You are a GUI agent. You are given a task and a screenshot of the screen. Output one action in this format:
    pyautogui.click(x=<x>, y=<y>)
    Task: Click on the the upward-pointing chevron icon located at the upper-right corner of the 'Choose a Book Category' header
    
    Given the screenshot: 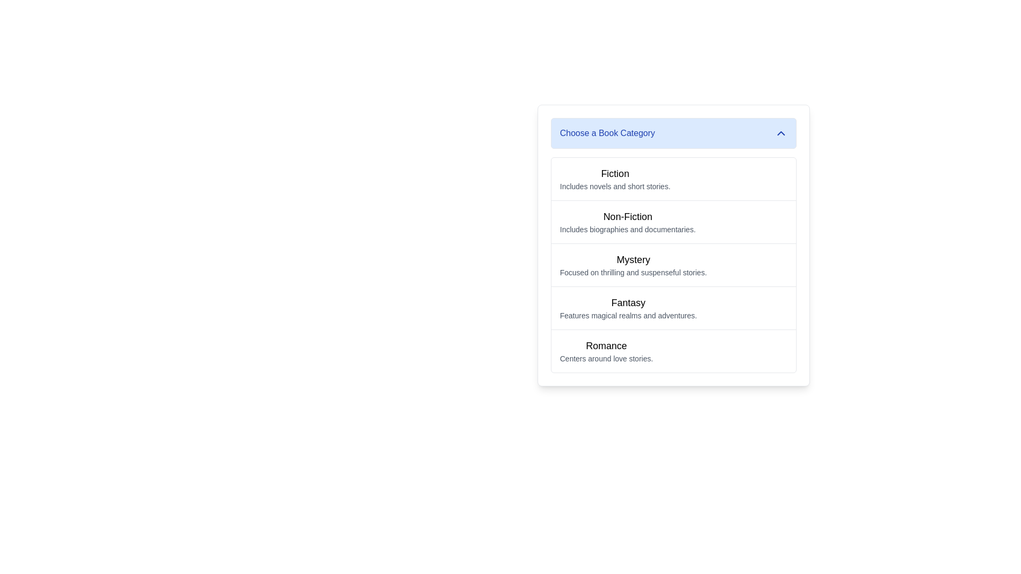 What is the action you would take?
    pyautogui.click(x=781, y=132)
    